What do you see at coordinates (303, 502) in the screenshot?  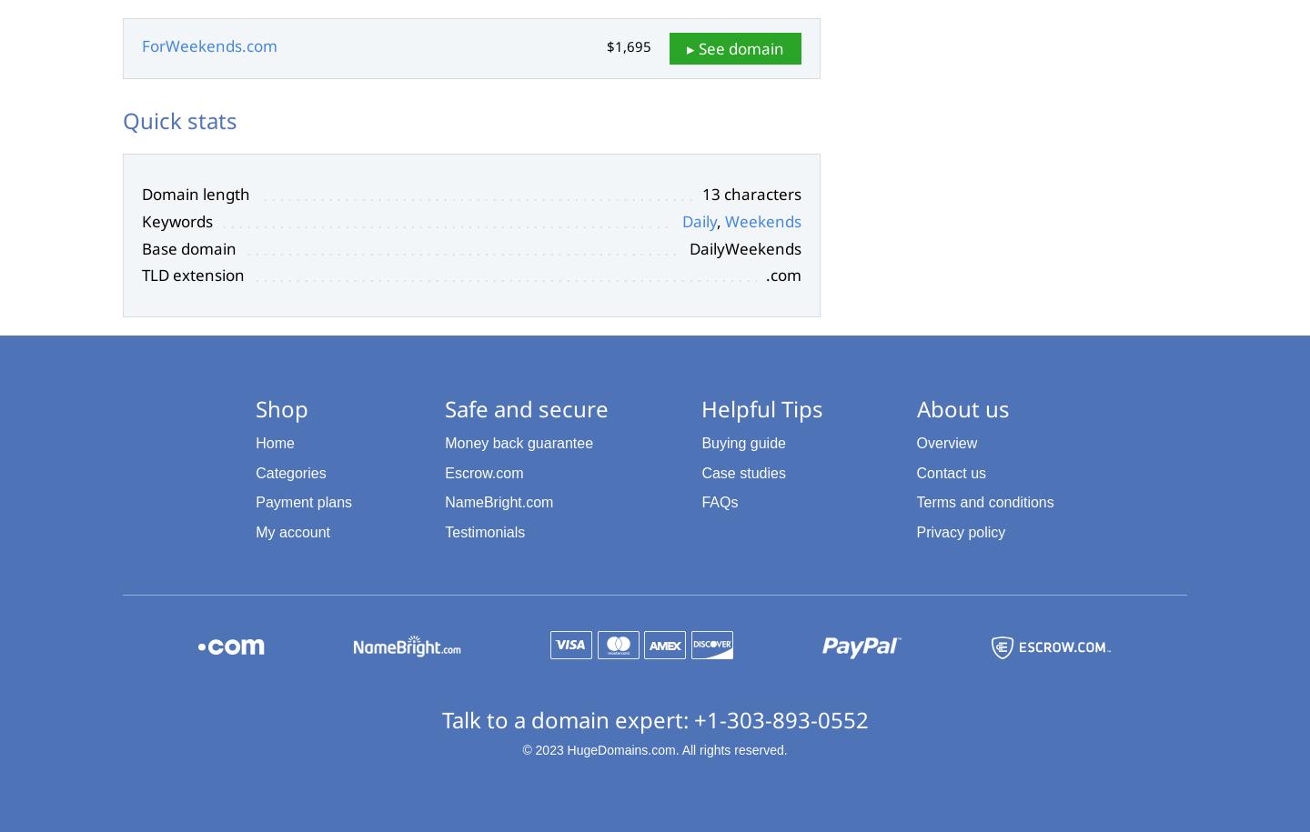 I see `'Payment plans'` at bounding box center [303, 502].